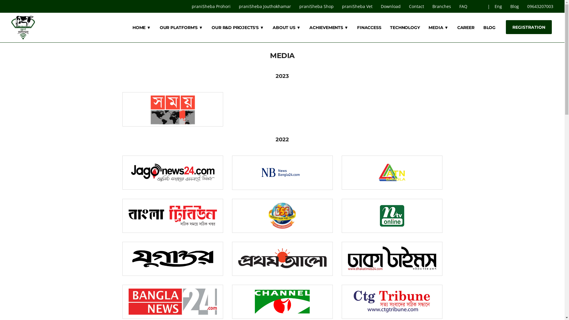  I want to click on 'TECHNOLOGY', so click(405, 27).